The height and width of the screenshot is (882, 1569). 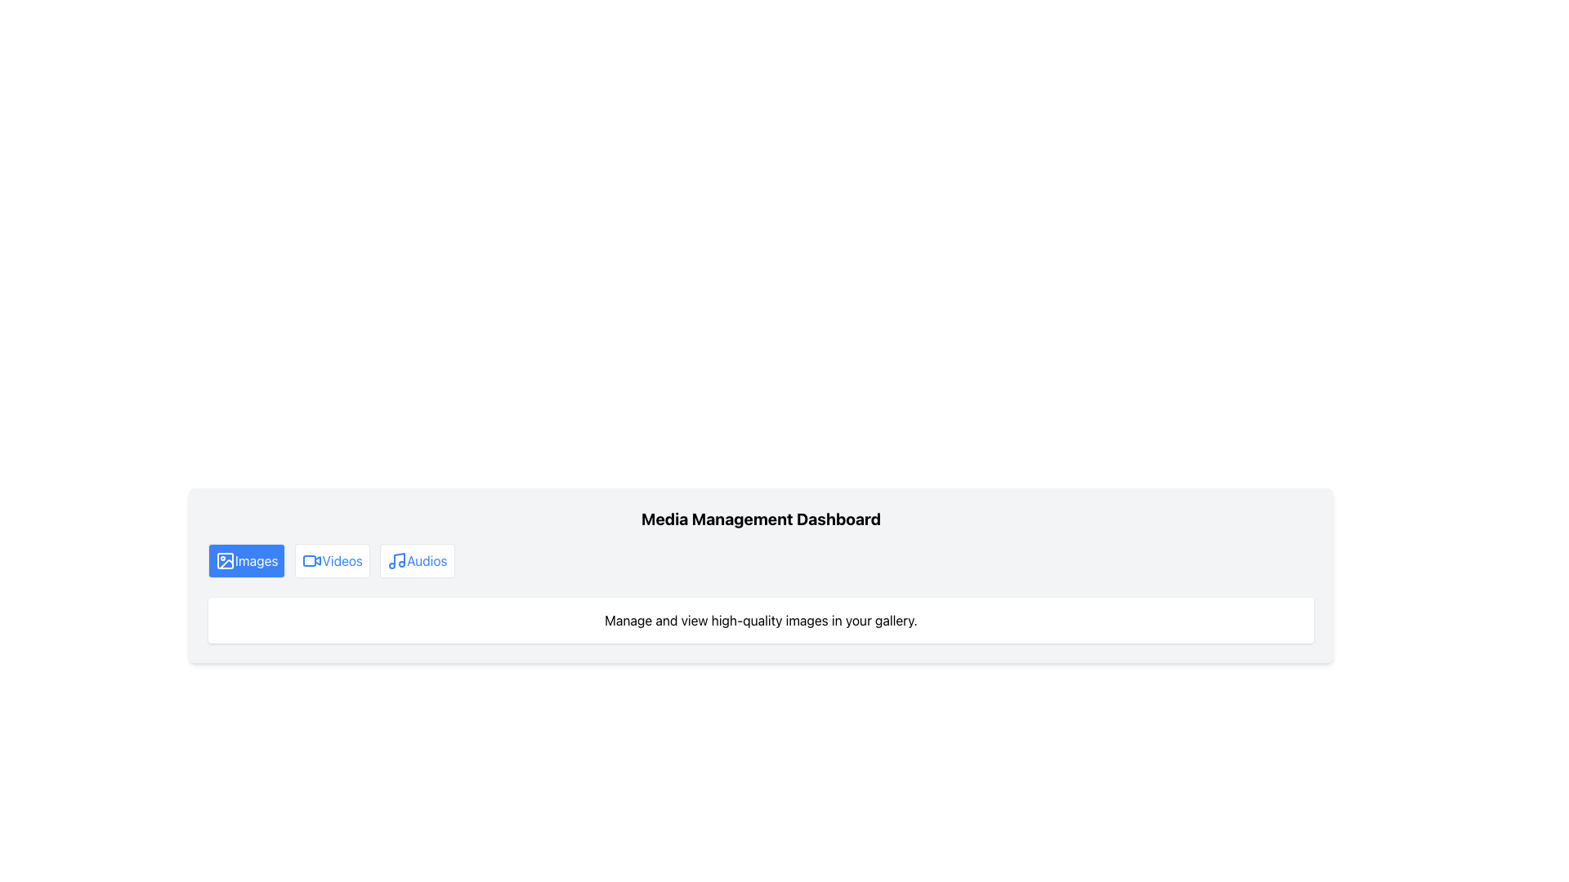 What do you see at coordinates (417, 559) in the screenshot?
I see `the 'Audios' button in the navigation bar` at bounding box center [417, 559].